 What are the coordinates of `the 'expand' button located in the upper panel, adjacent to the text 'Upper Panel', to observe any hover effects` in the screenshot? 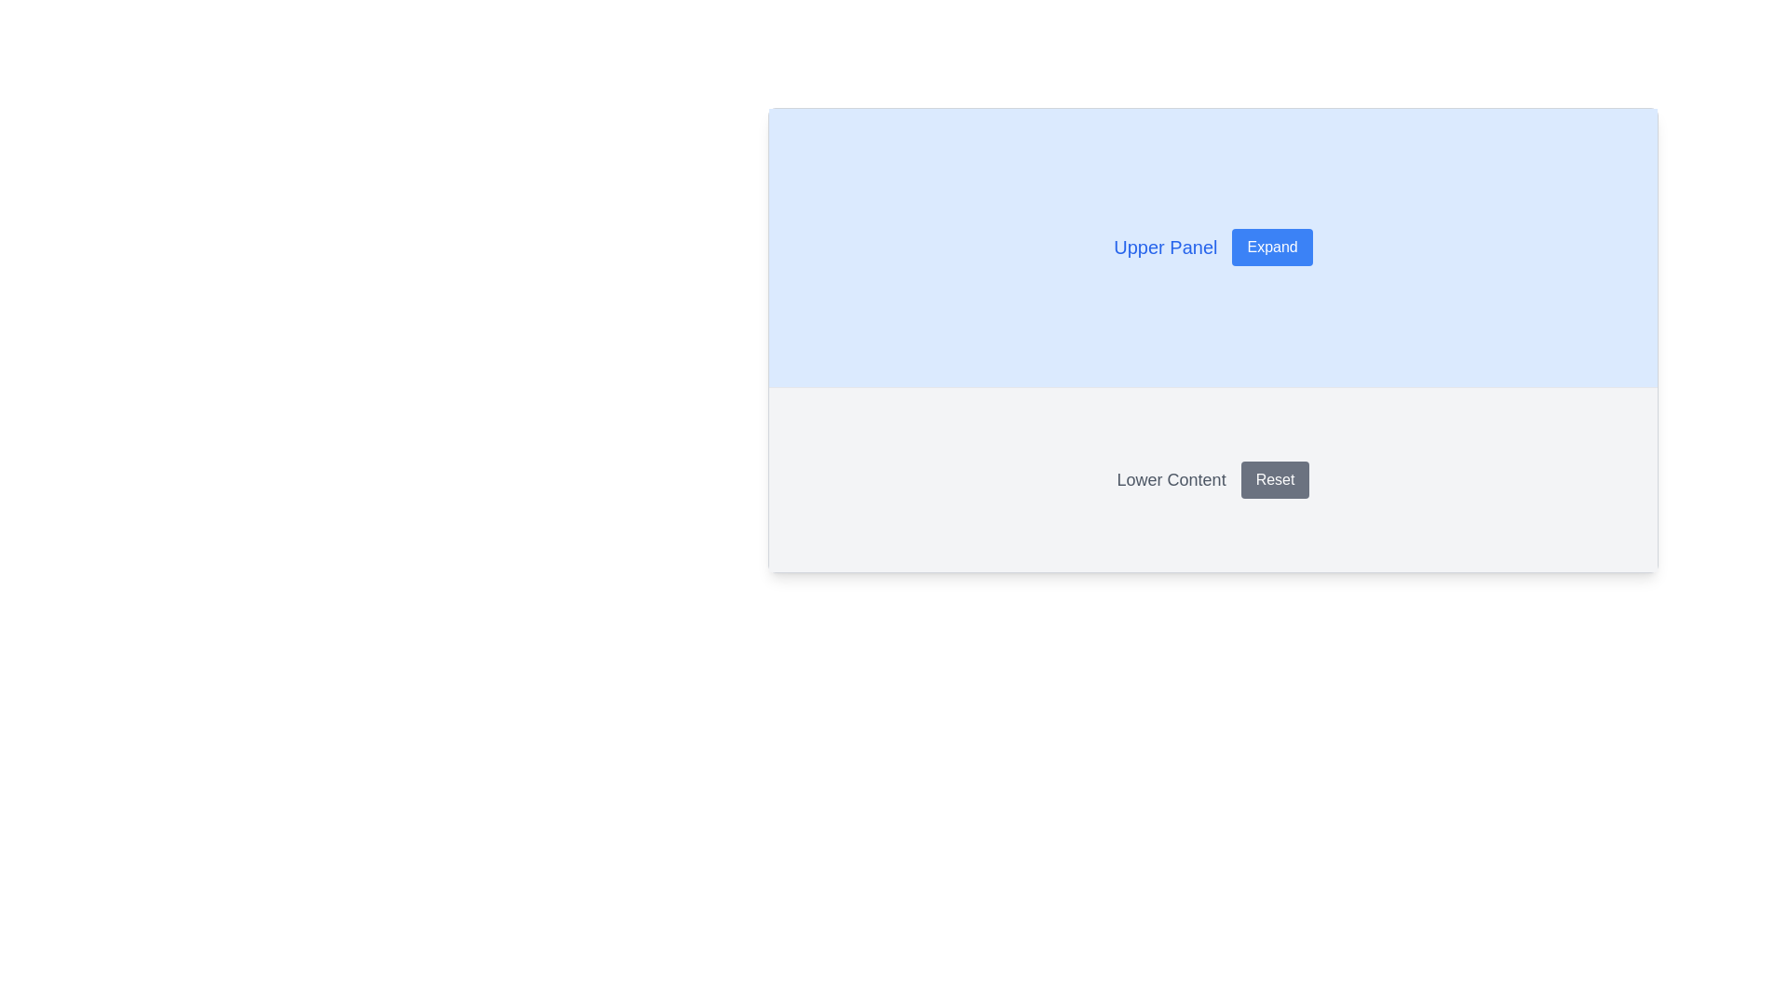 It's located at (1271, 247).